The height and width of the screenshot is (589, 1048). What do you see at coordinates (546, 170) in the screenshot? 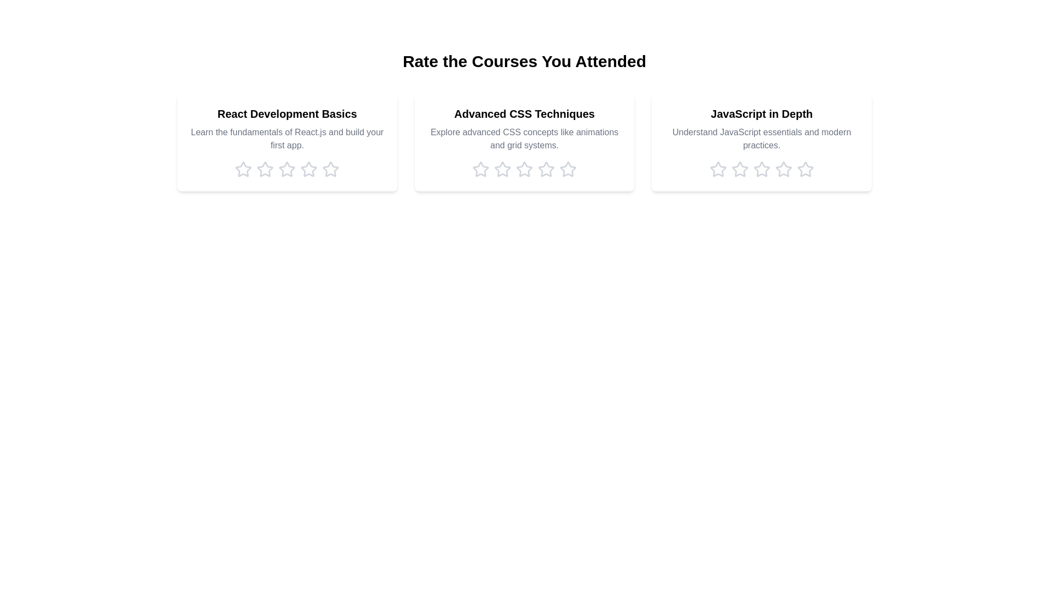
I see `the rating for the course 'Advanced CSS Techniques' to 4 stars` at bounding box center [546, 170].